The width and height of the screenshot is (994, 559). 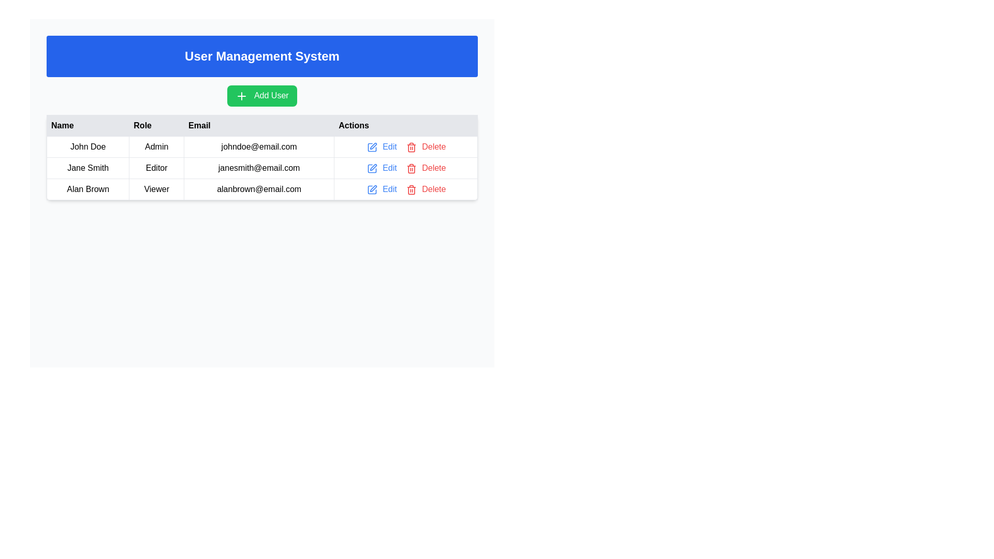 What do you see at coordinates (425, 189) in the screenshot?
I see `the delete button located in the 'Actions' cell of the row for user Alan Brown` at bounding box center [425, 189].